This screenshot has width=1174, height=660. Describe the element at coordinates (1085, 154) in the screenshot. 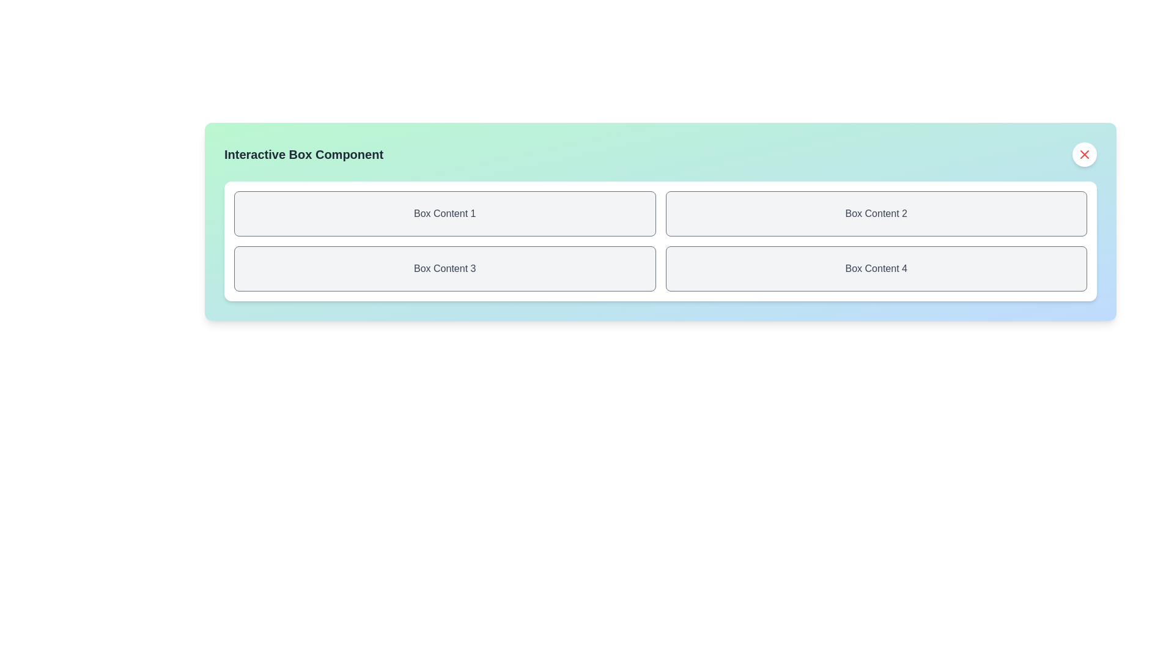

I see `the close button located in the top-right corner of the 'Interactive Box Component'` at that location.